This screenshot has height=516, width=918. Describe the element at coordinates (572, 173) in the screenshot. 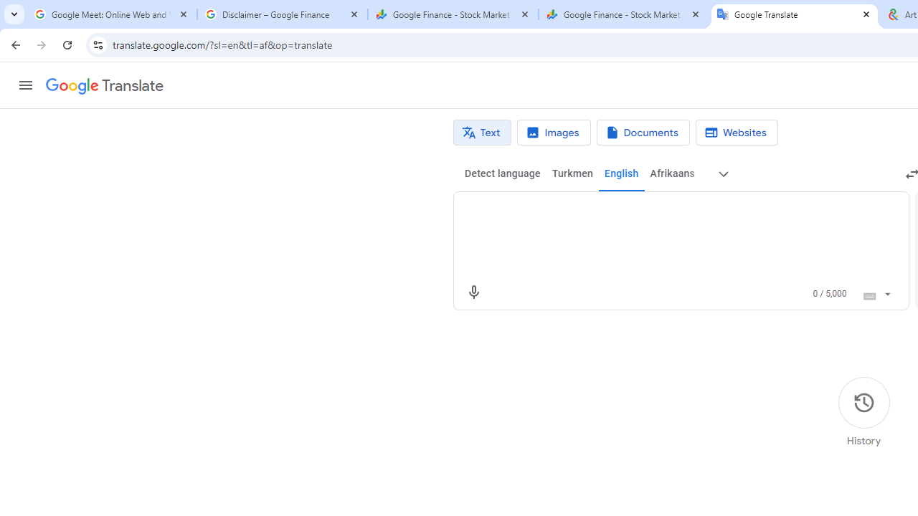

I see `'Turkmen'` at that location.